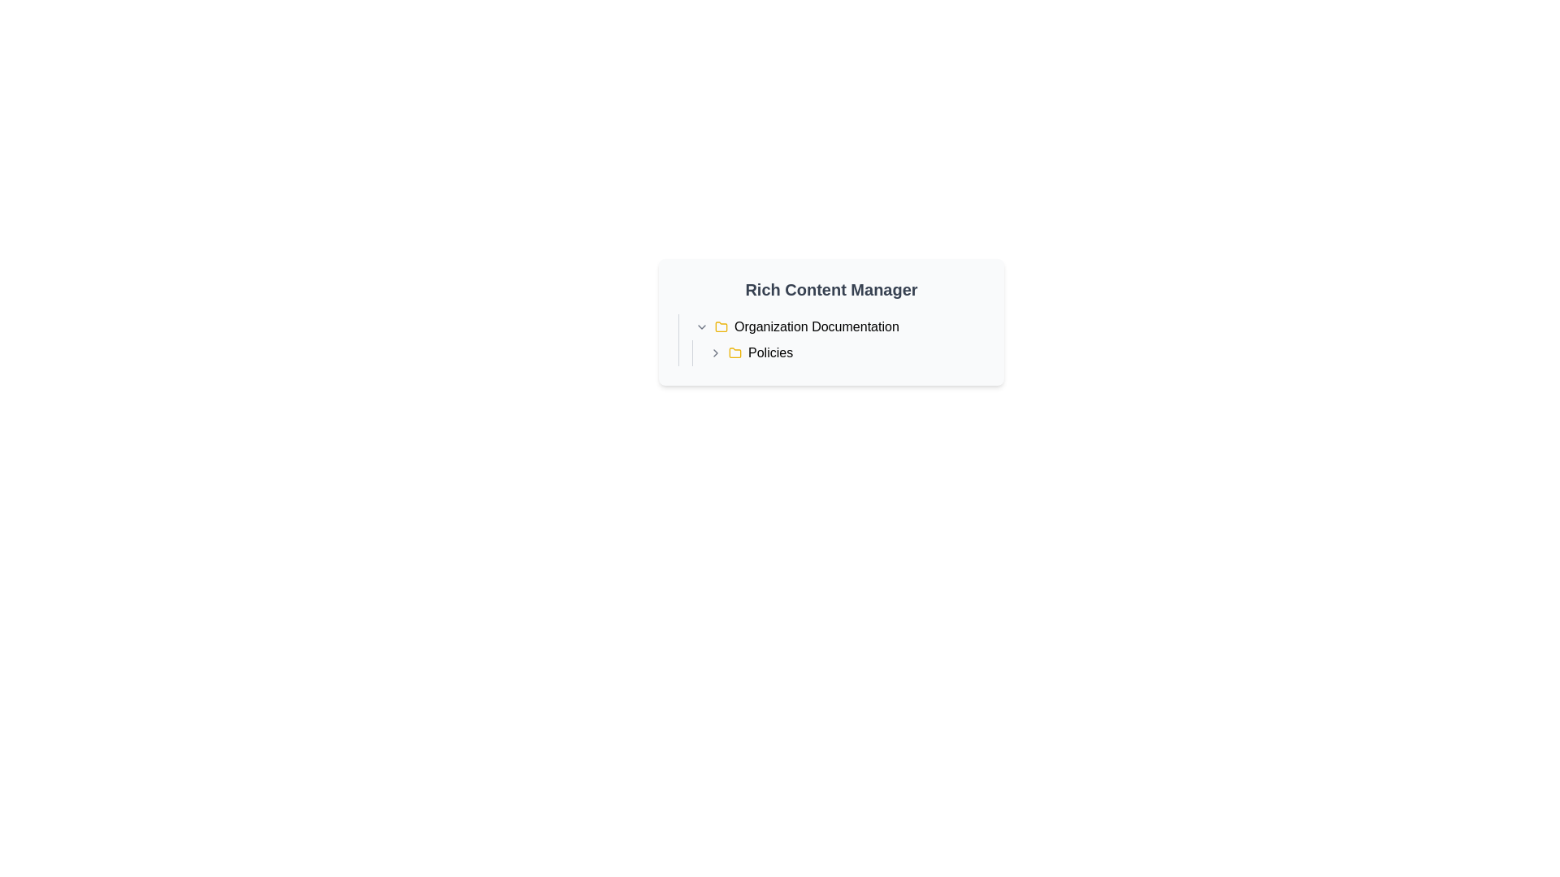  Describe the element at coordinates (838, 352) in the screenshot. I see `the navigational menu item titled 'Policies'` at that location.